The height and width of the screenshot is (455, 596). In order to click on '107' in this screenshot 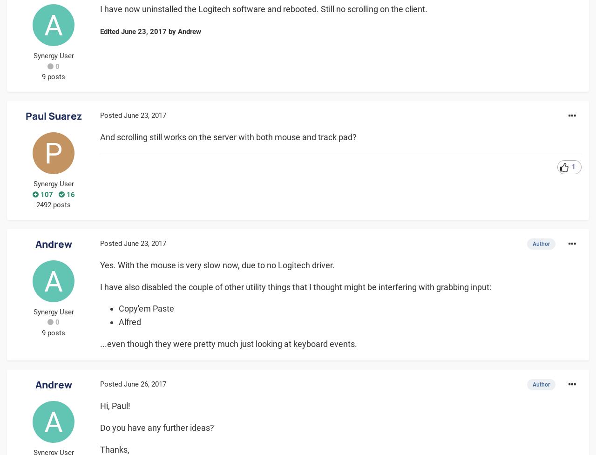, I will do `click(45, 194)`.